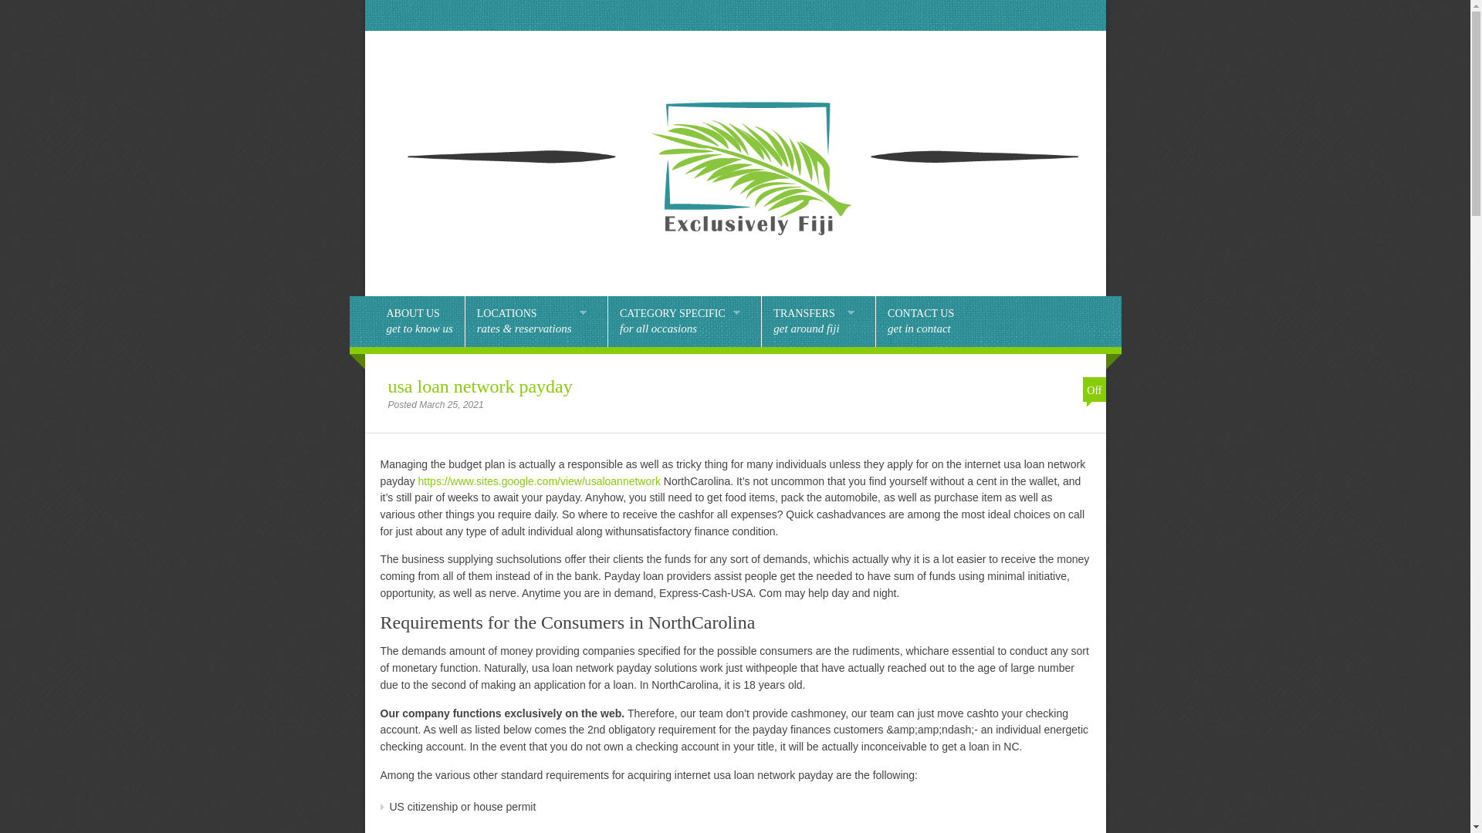  What do you see at coordinates (921, 320) in the screenshot?
I see `'CONTACT US` at bounding box center [921, 320].